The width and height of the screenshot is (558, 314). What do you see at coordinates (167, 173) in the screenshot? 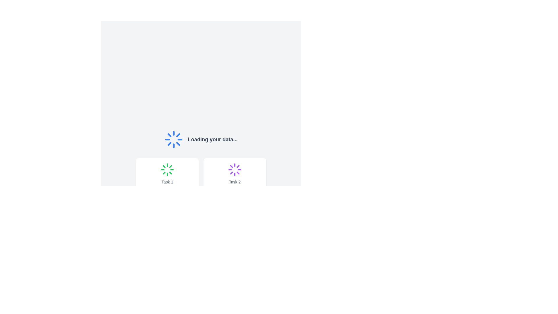
I see `task label 'Task 1' on the visual status card located in the top-left corner of the grid layout` at bounding box center [167, 173].